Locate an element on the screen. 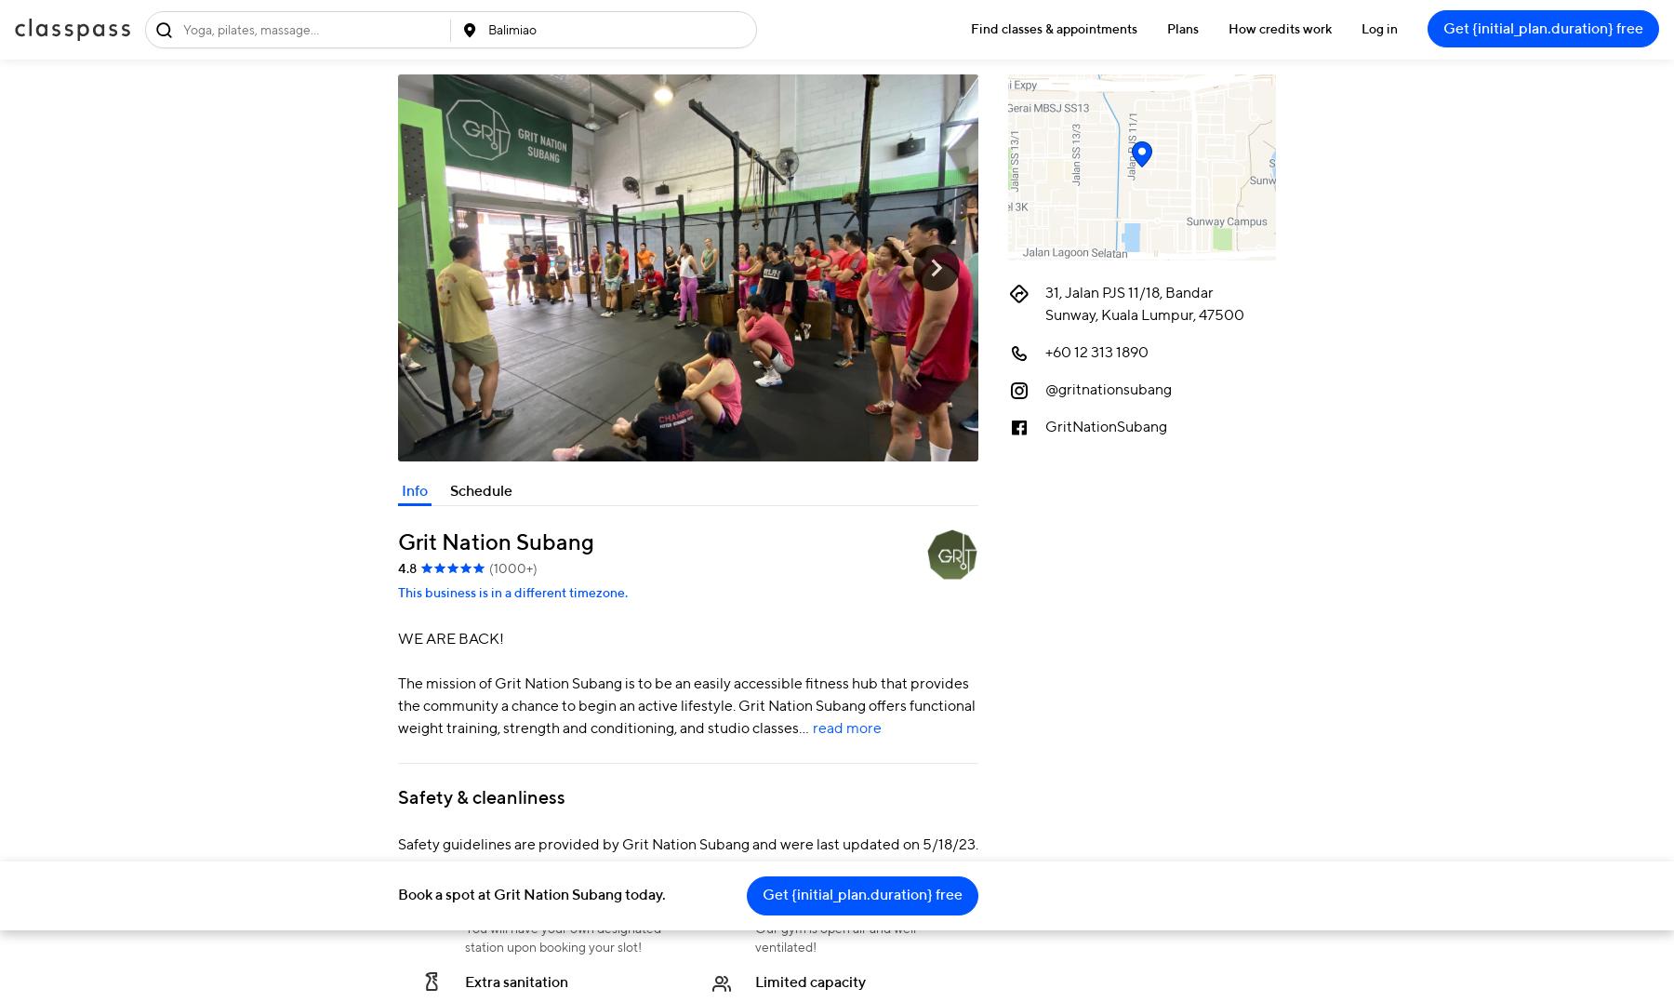 This screenshot has width=1674, height=1002. 'Safety & cleanliness' is located at coordinates (481, 797).